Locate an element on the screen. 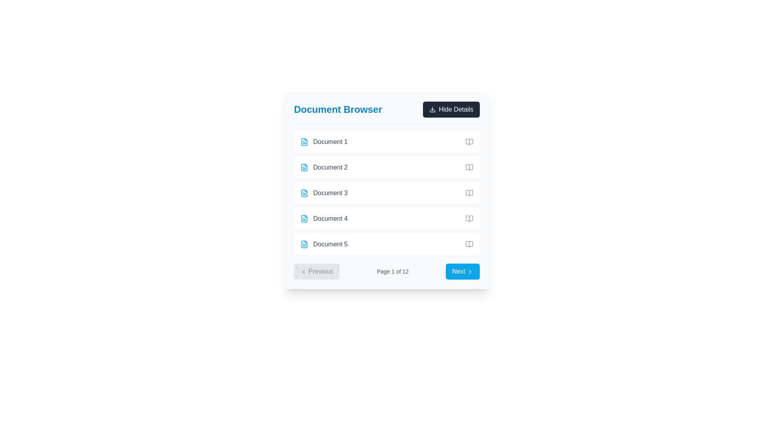 Image resolution: width=769 pixels, height=432 pixels. the 'Hide Details' button, which has a dark background, rounded corners, and white text, located in the top-right corner of its section is located at coordinates (451, 109).